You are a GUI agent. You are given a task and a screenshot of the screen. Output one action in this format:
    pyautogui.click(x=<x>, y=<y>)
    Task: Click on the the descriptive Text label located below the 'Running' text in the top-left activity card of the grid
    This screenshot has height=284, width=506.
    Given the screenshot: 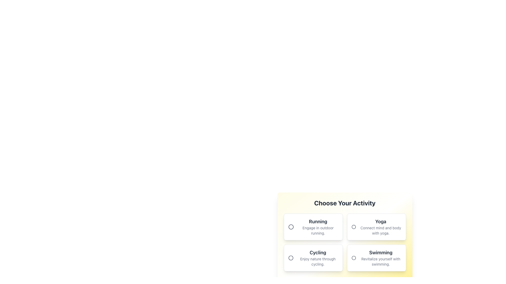 What is the action you would take?
    pyautogui.click(x=318, y=230)
    